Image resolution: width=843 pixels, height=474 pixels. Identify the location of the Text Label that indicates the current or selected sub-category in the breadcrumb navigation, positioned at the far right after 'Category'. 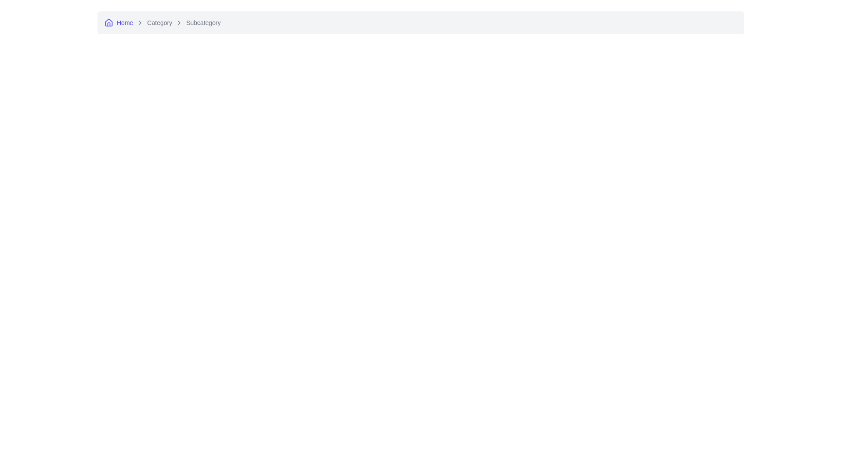
(203, 22).